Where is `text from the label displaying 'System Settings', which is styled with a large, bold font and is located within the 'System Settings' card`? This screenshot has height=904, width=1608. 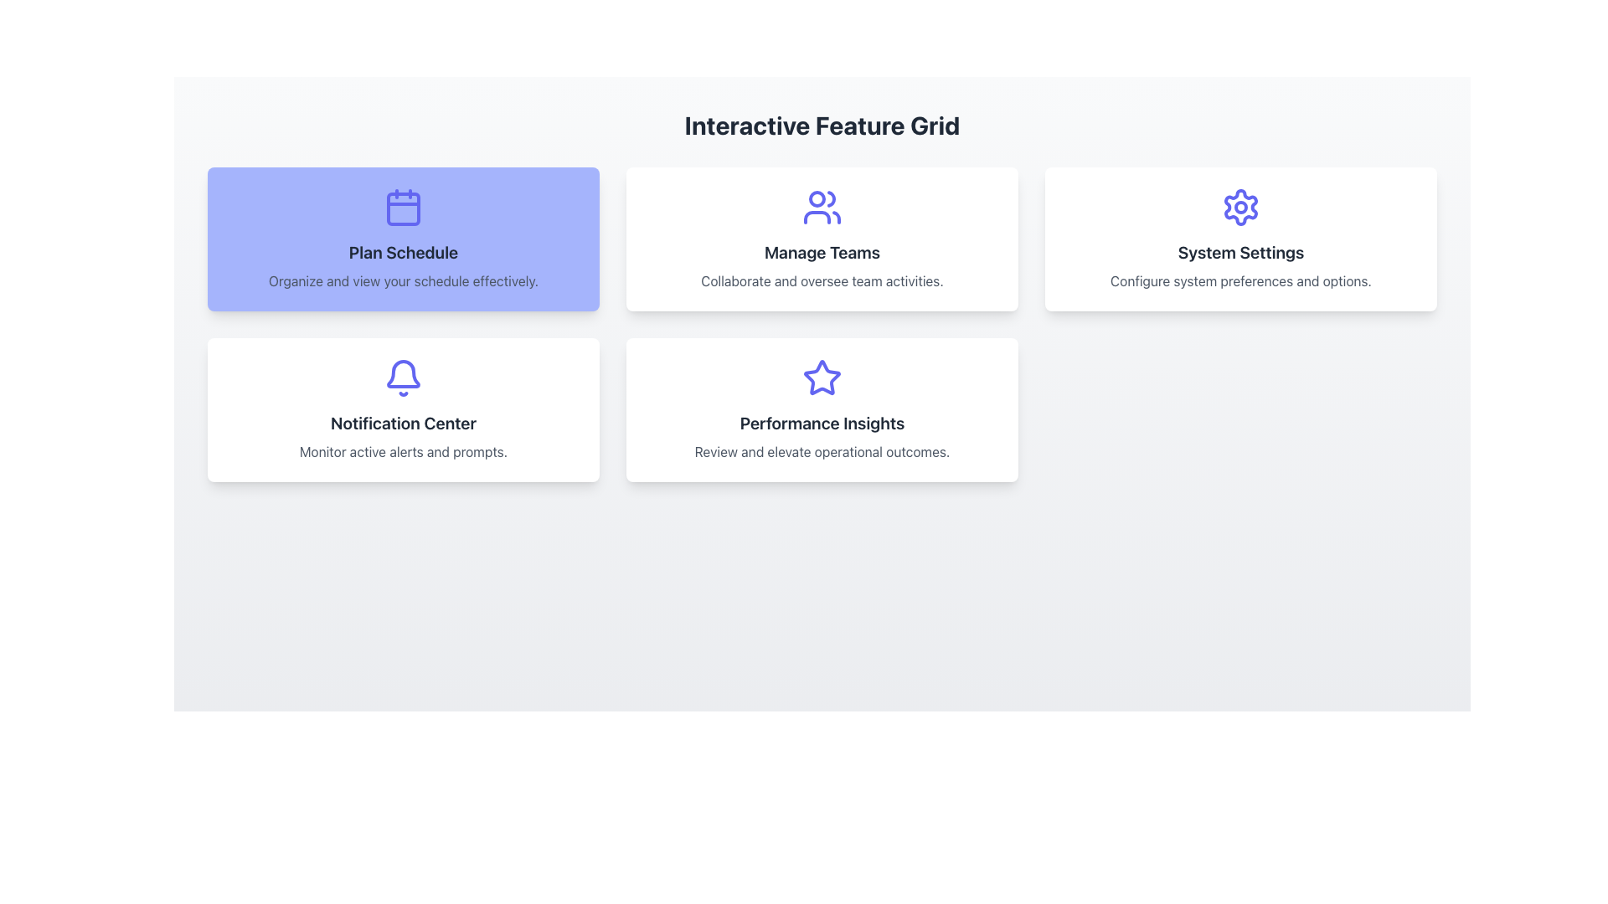
text from the label displaying 'System Settings', which is styled with a large, bold font and is located within the 'System Settings' card is located at coordinates (1241, 252).